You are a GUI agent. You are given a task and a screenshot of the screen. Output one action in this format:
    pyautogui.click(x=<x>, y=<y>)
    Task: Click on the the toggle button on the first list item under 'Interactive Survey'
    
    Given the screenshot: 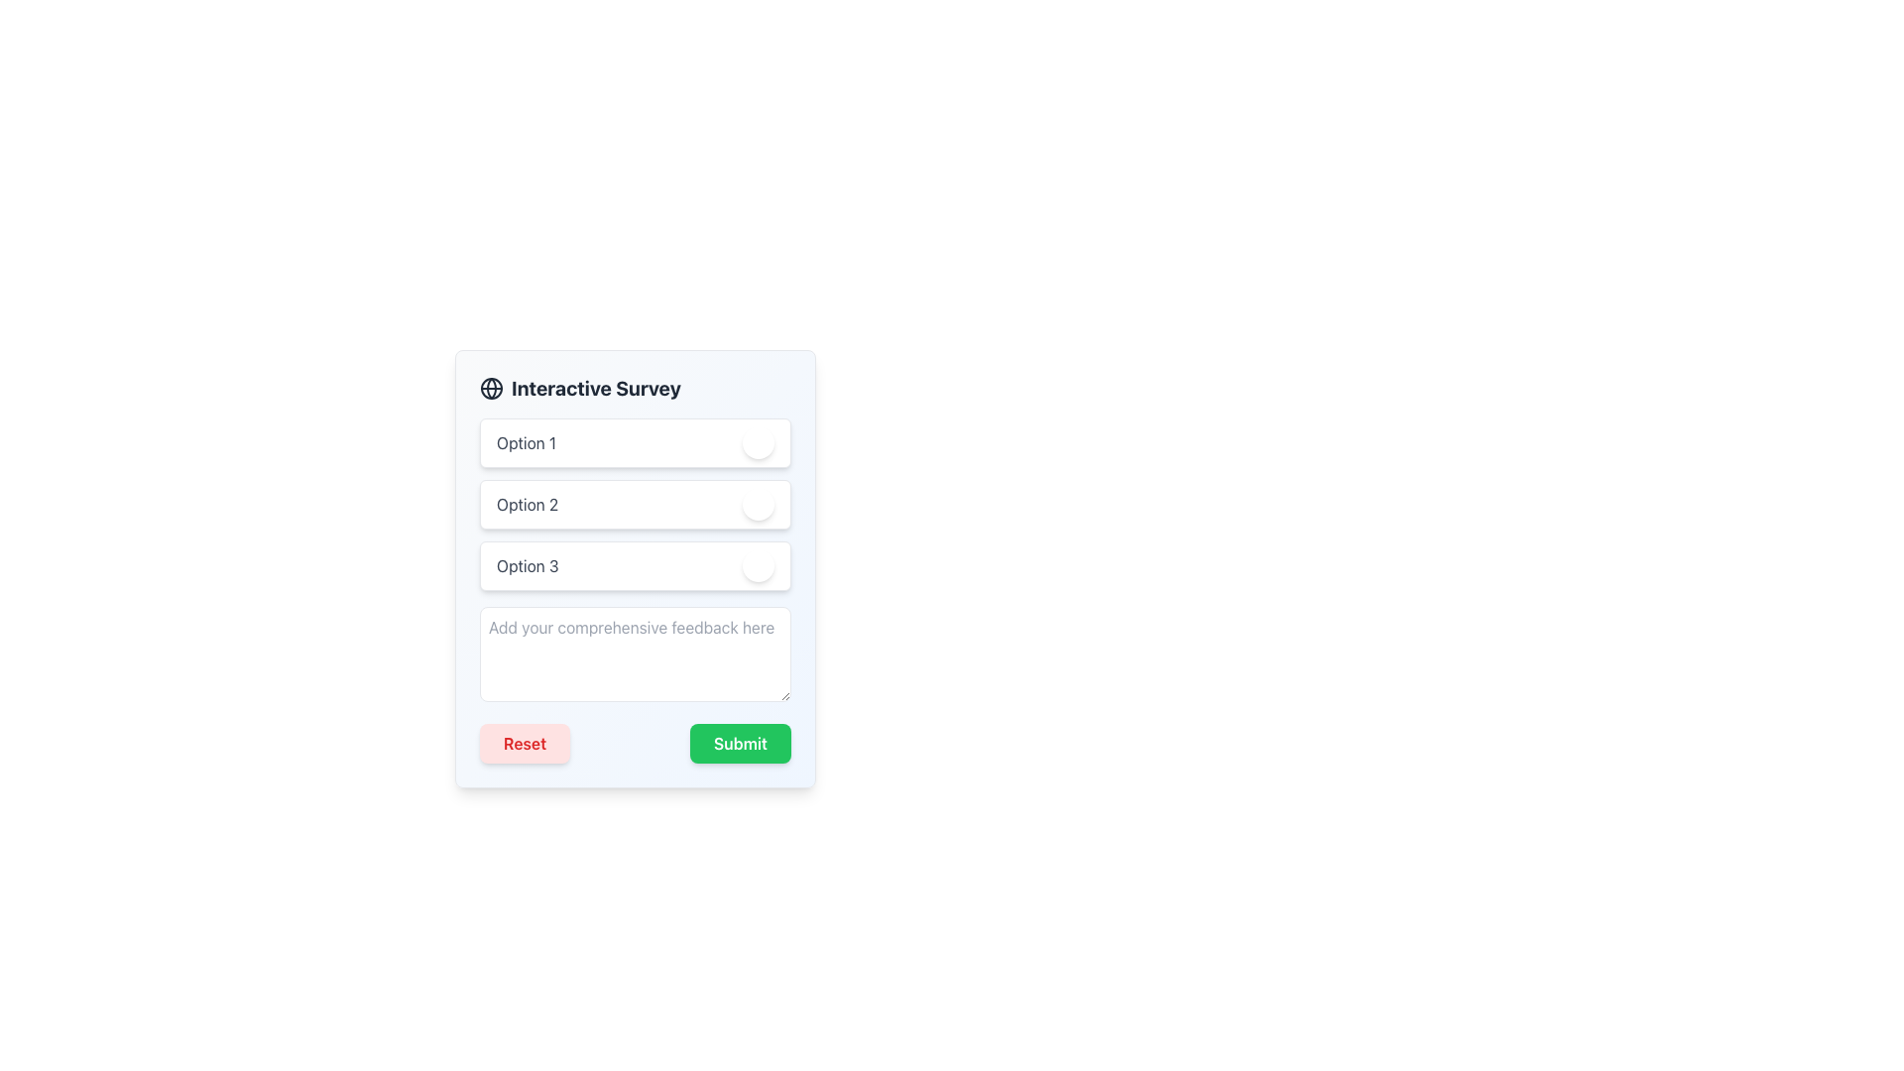 What is the action you would take?
    pyautogui.click(x=636, y=442)
    